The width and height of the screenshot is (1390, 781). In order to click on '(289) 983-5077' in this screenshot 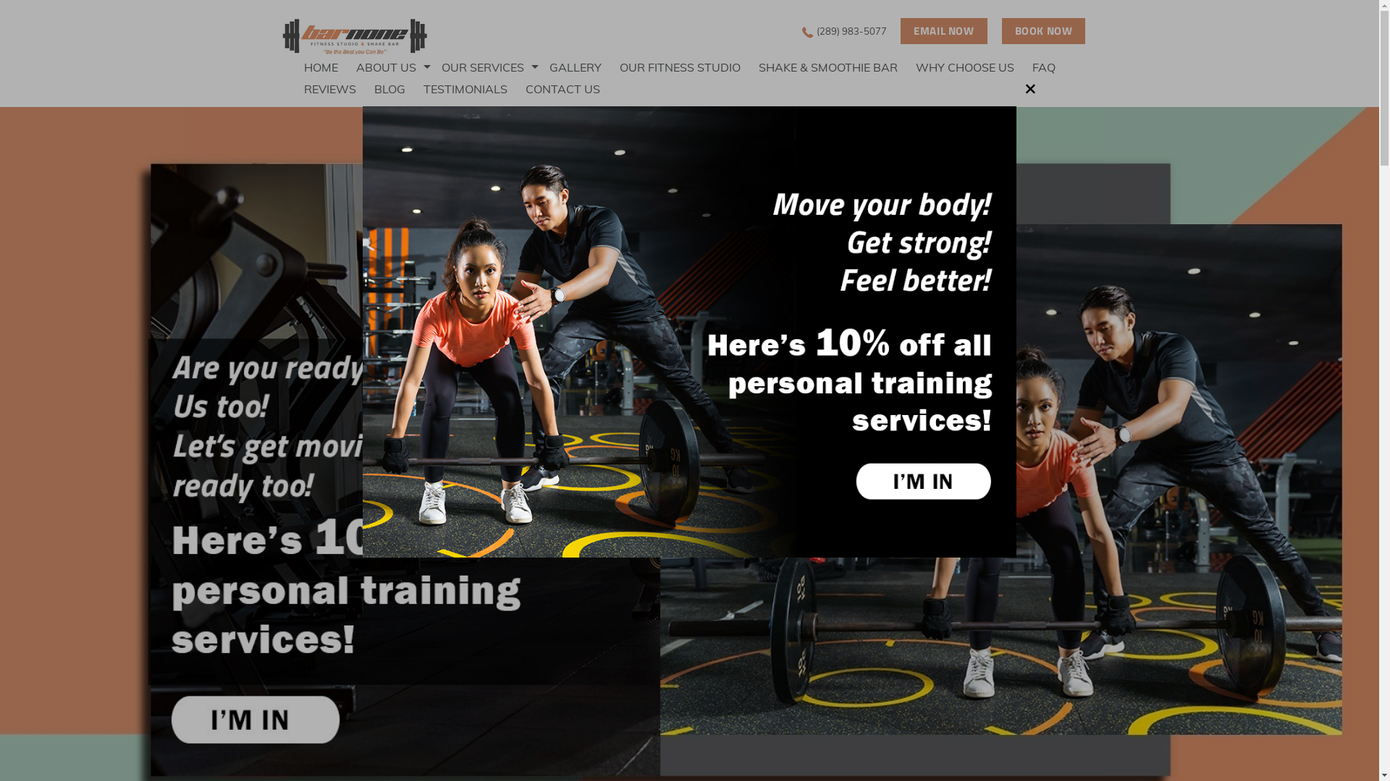, I will do `click(801, 30)`.